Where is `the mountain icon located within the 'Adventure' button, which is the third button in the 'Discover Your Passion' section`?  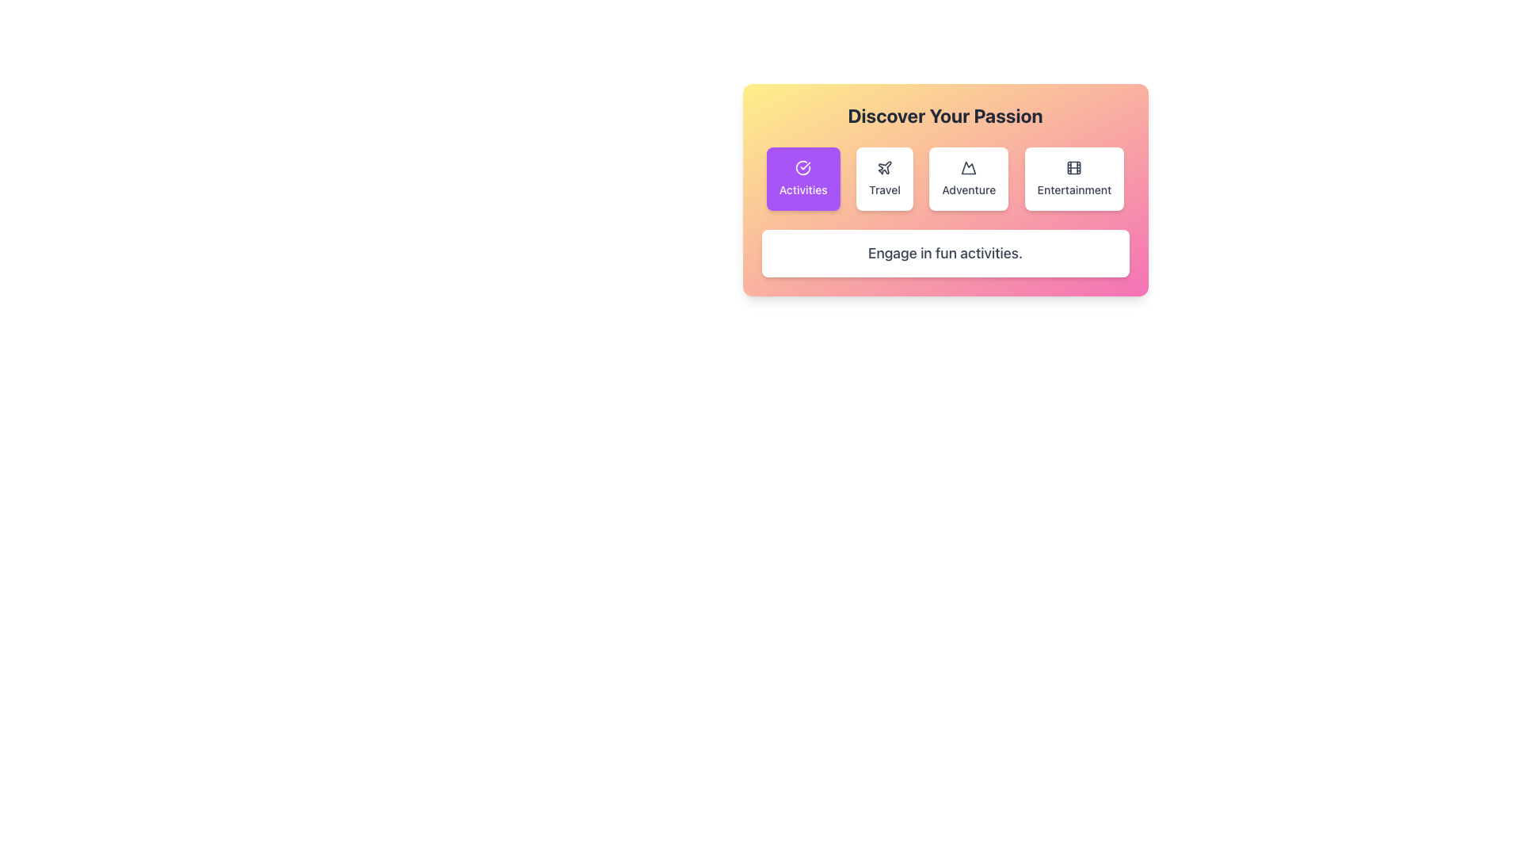
the mountain icon located within the 'Adventure' button, which is the third button in the 'Discover Your Passion' section is located at coordinates (968, 168).